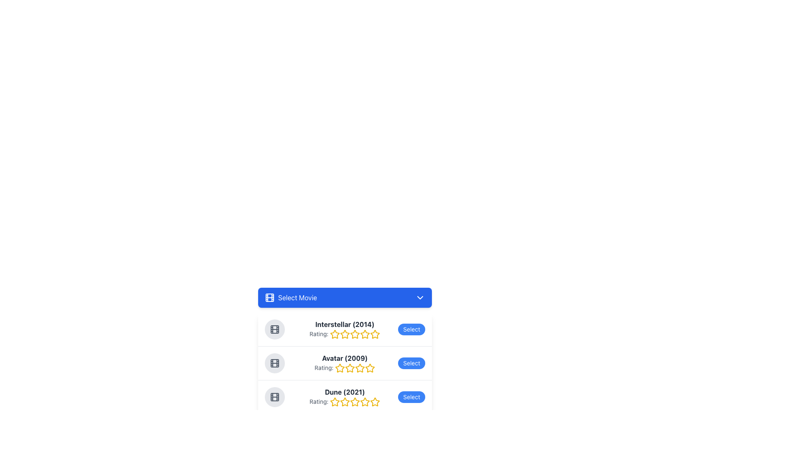 The width and height of the screenshot is (802, 451). Describe the element at coordinates (350, 368) in the screenshot. I see `the third star icon in the five-star rating system for the movie Avatar (2009)` at that location.